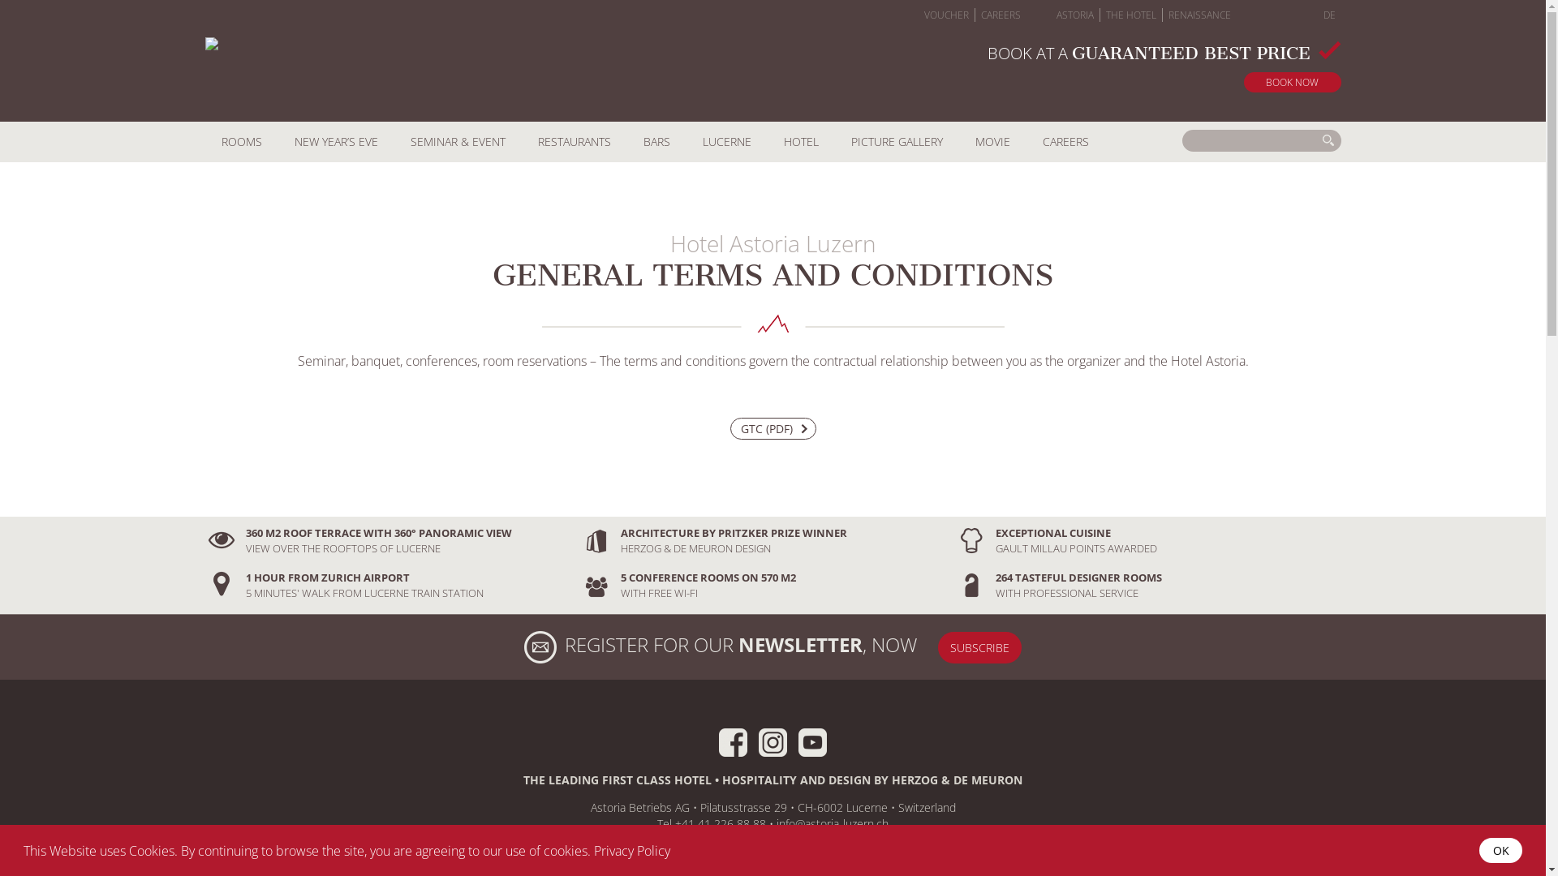  I want to click on 'OK', so click(1500, 849).